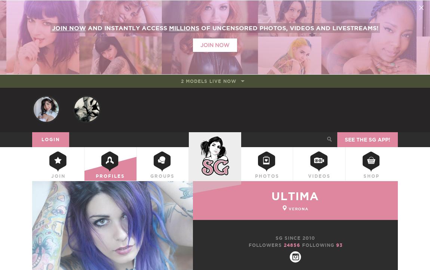 This screenshot has width=430, height=270. I want to click on '2 models
        live now', so click(208, 81).